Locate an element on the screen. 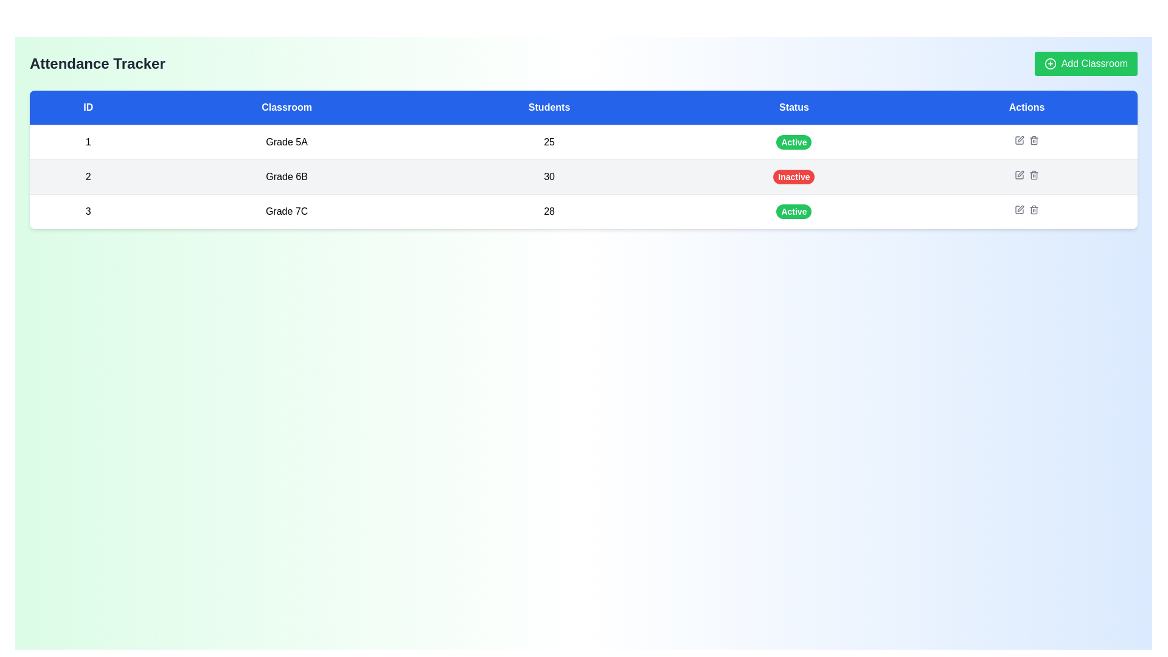  the Table Header element with a blue background and centered white text reading 'Classroom', which is the second column heading in the table is located at coordinates (286, 107).